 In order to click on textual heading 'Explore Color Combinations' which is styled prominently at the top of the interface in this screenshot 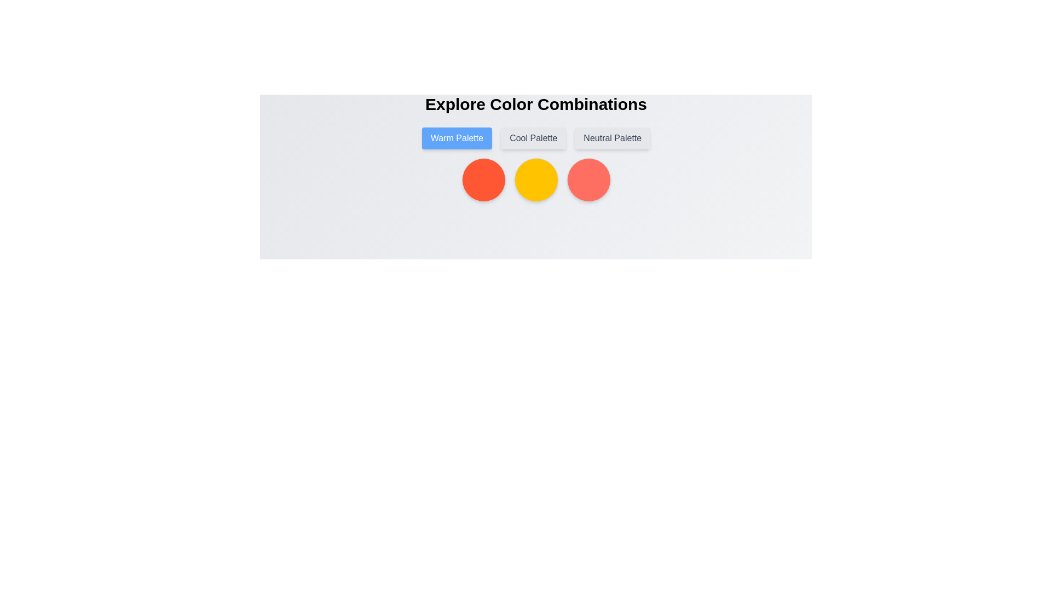, I will do `click(536, 105)`.